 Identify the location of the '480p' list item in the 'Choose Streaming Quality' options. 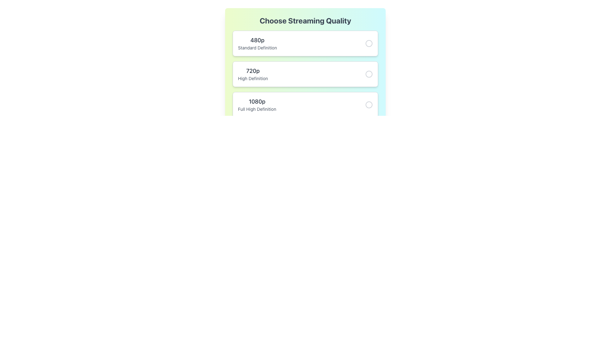
(257, 43).